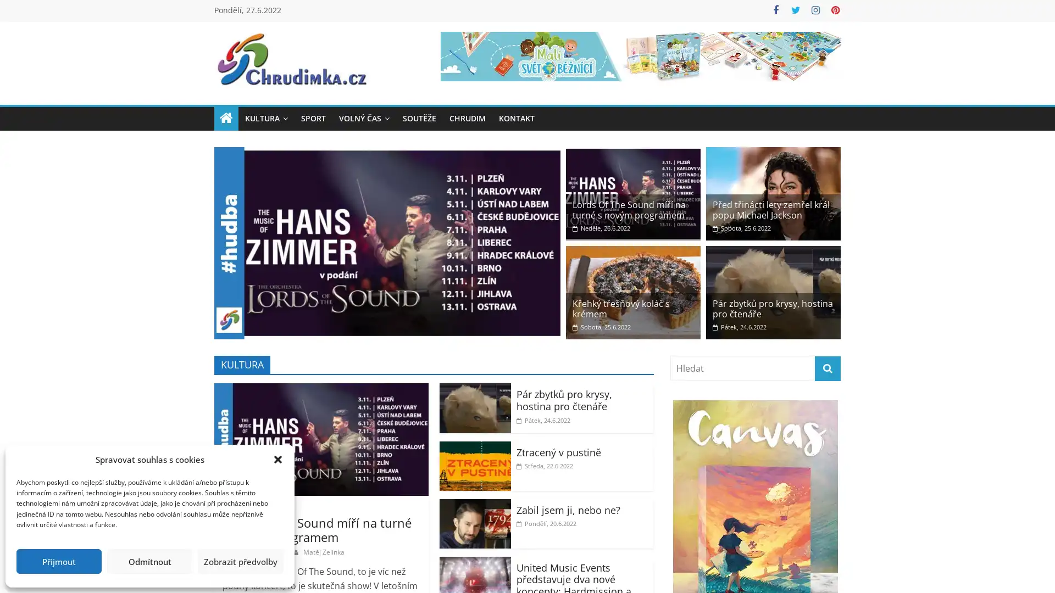 The image size is (1055, 593). I want to click on Prijmout, so click(58, 561).